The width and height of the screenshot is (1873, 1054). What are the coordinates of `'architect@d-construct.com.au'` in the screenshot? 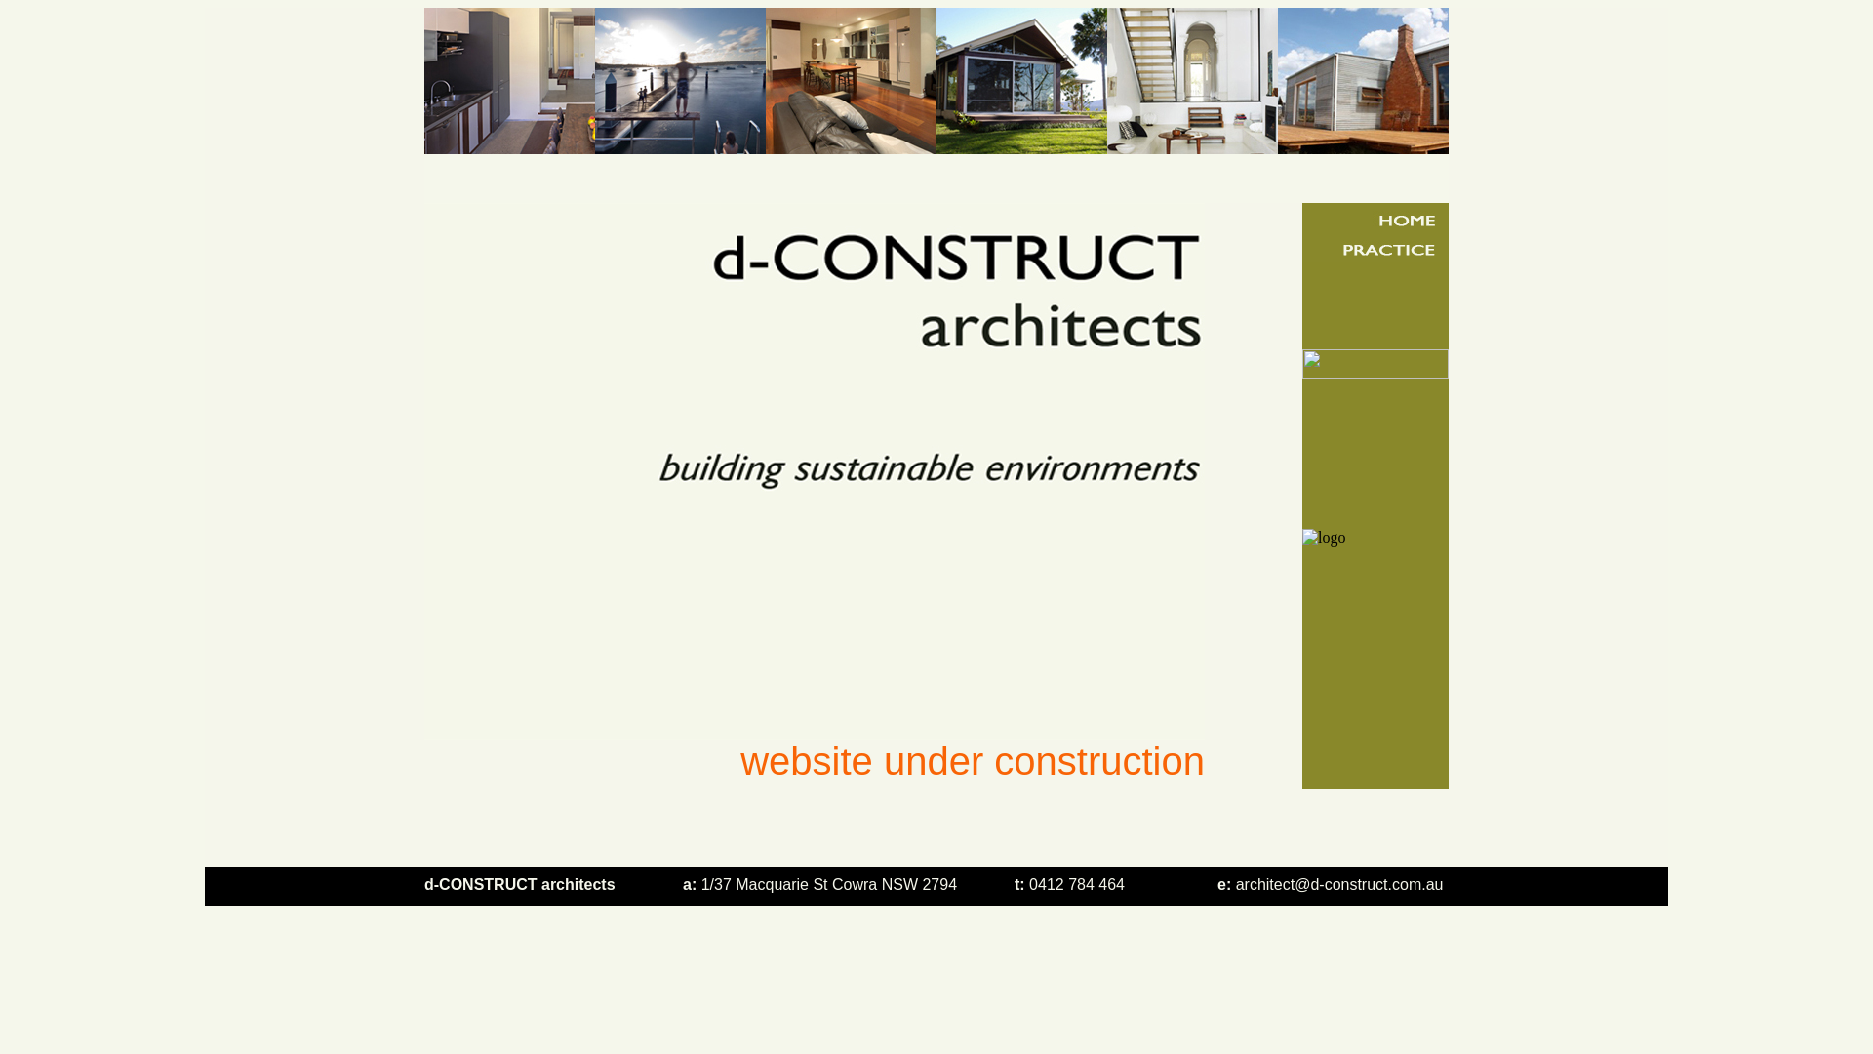 It's located at (1338, 884).